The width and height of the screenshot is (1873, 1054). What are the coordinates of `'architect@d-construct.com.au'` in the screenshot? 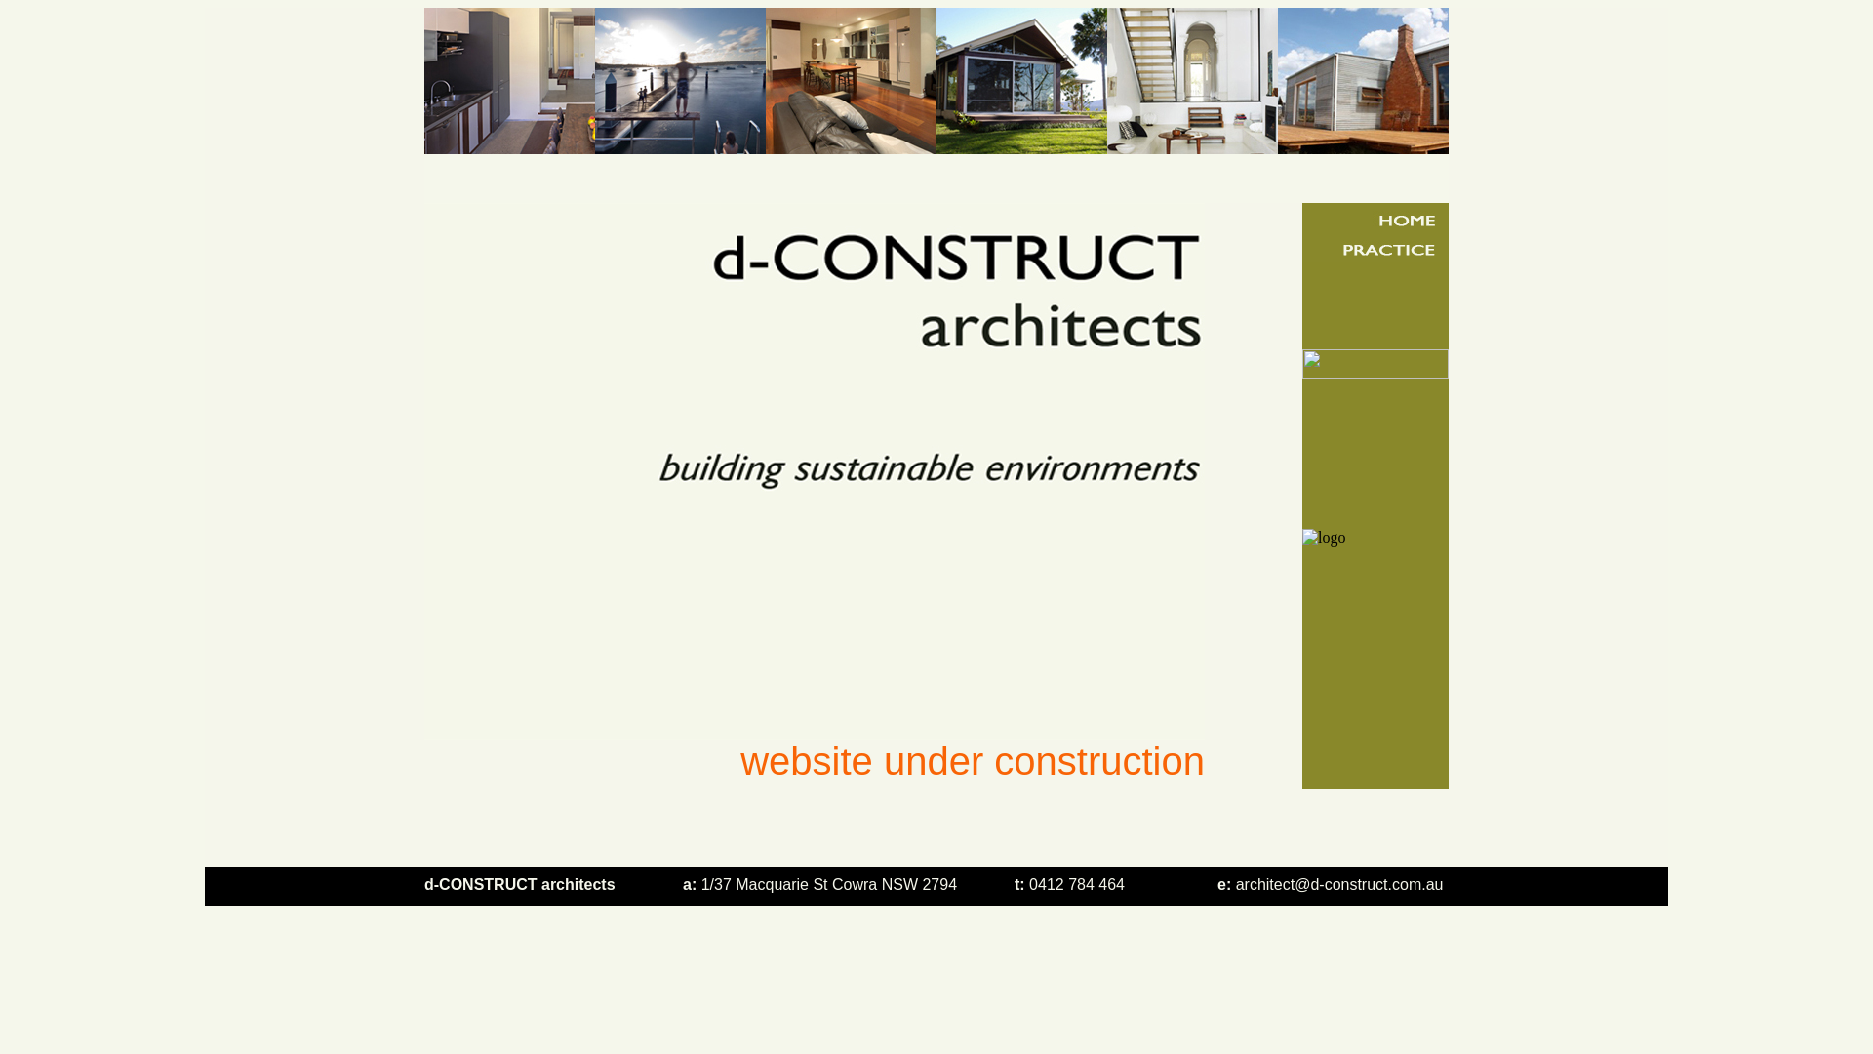 It's located at (1338, 884).